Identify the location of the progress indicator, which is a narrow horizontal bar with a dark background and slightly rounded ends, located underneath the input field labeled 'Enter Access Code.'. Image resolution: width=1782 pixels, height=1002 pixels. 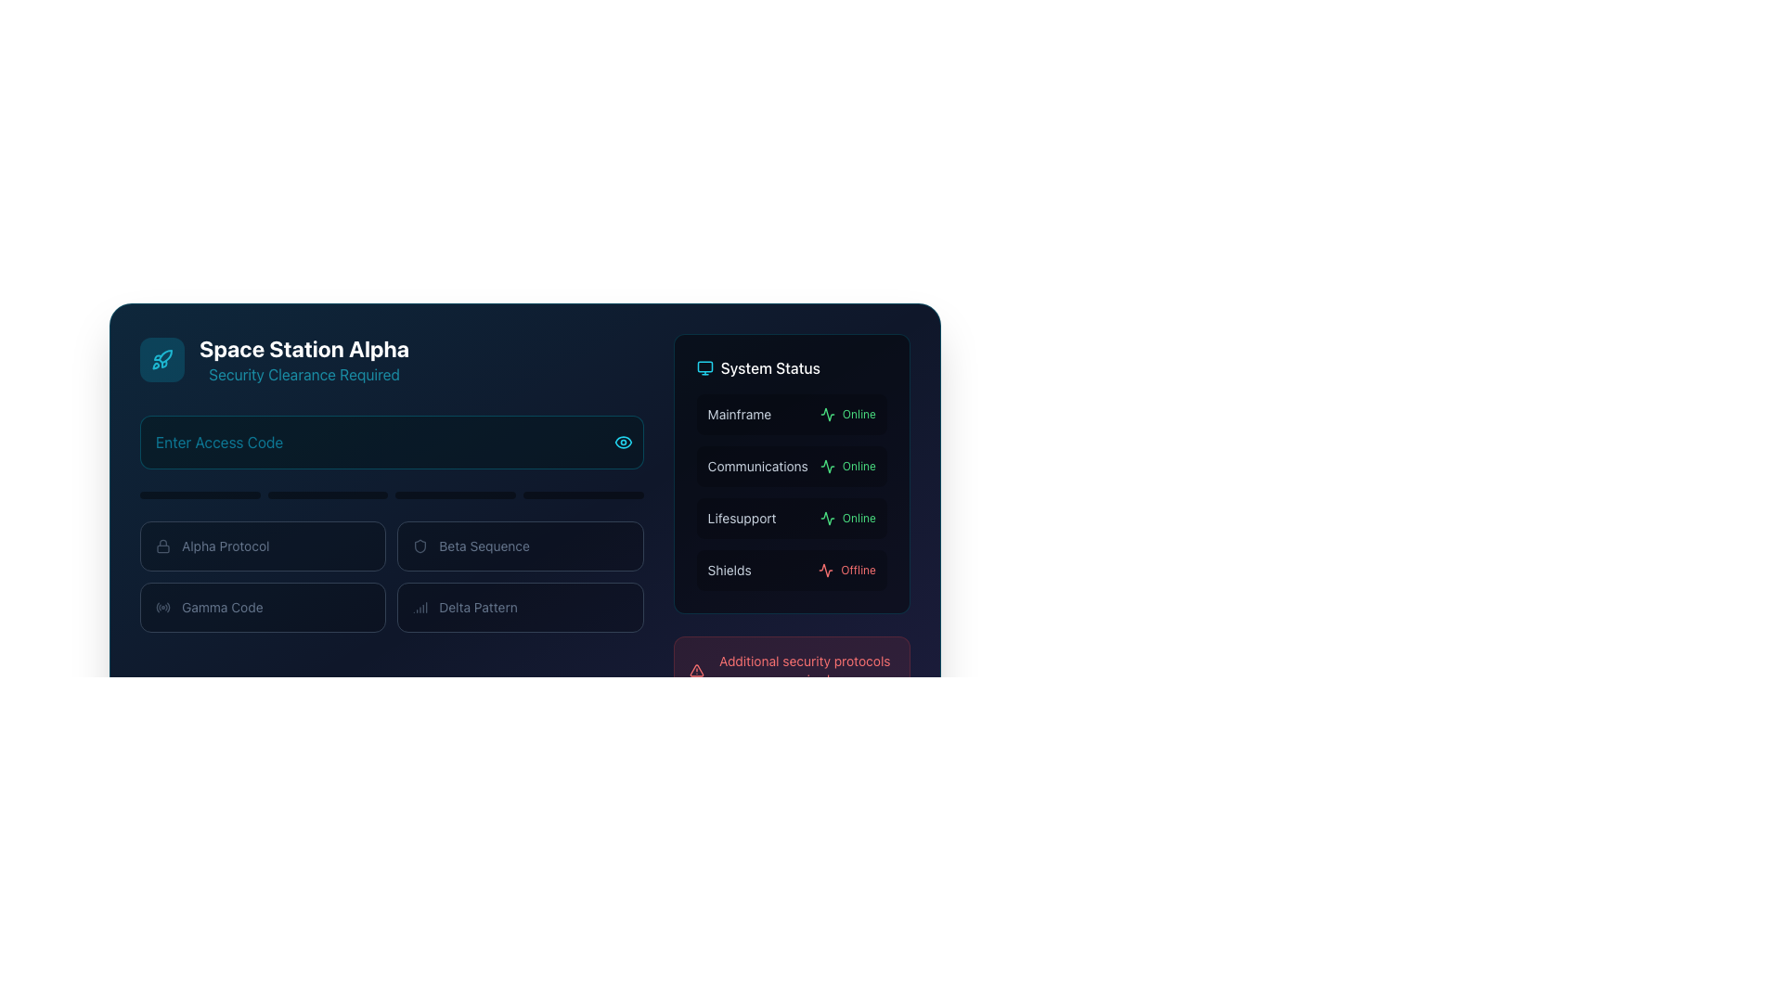
(582, 494).